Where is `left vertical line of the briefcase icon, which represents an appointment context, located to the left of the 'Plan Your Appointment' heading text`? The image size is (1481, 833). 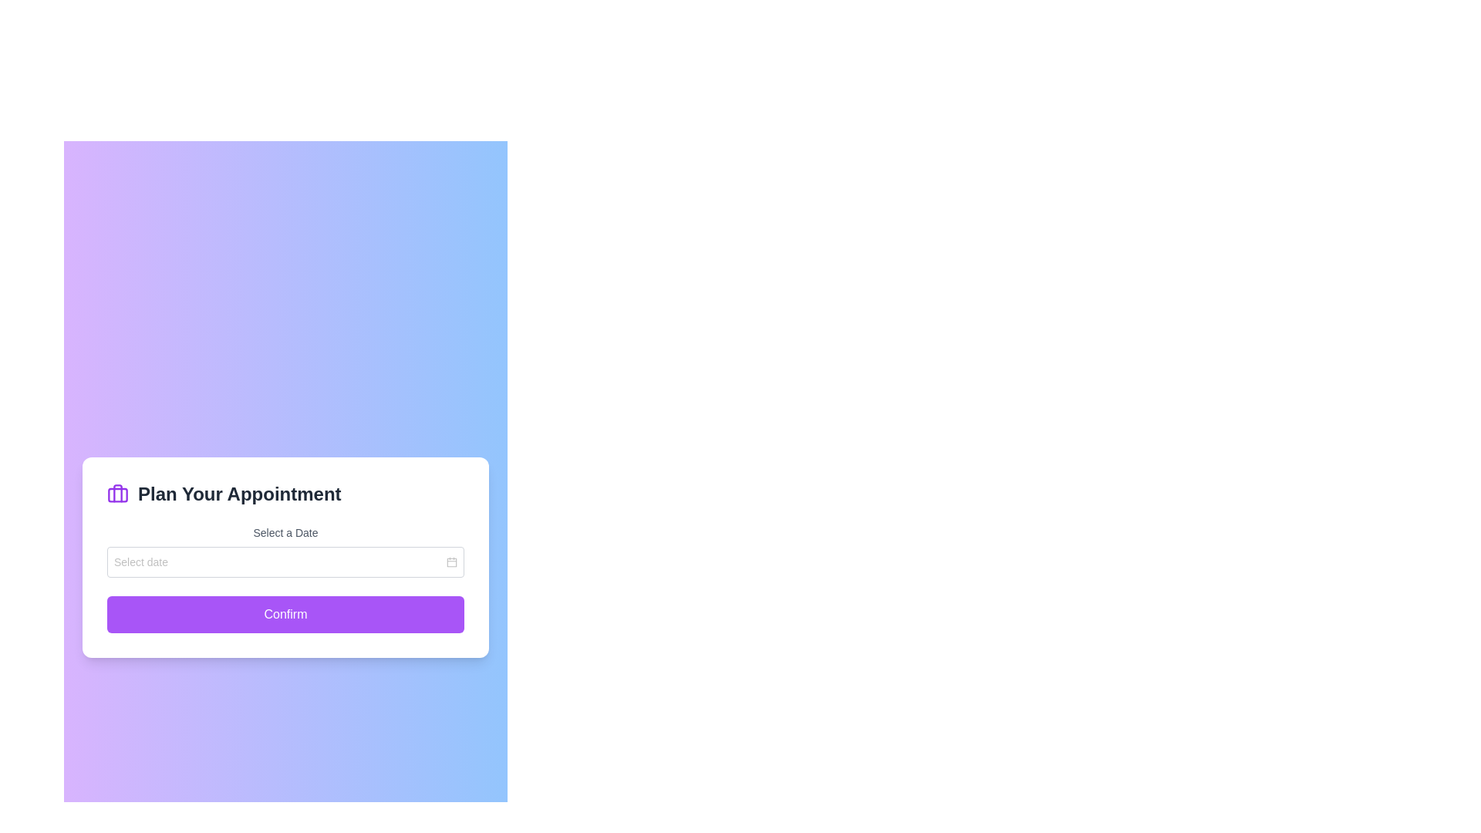 left vertical line of the briefcase icon, which represents an appointment context, located to the left of the 'Plan Your Appointment' heading text is located at coordinates (117, 493).